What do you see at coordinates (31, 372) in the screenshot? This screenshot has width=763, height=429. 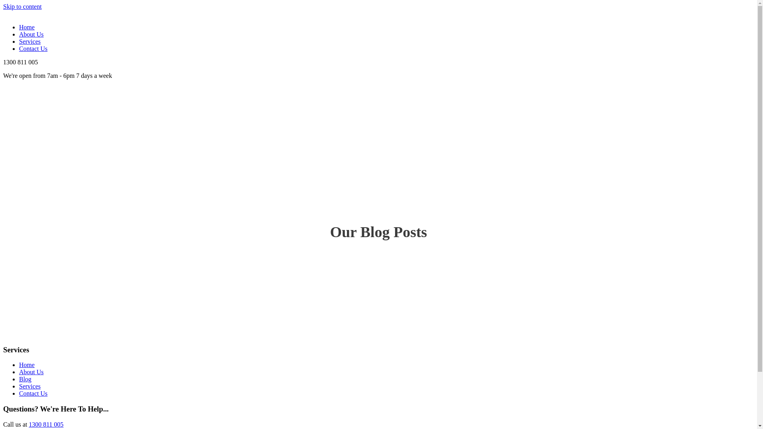 I see `'About Us'` at bounding box center [31, 372].